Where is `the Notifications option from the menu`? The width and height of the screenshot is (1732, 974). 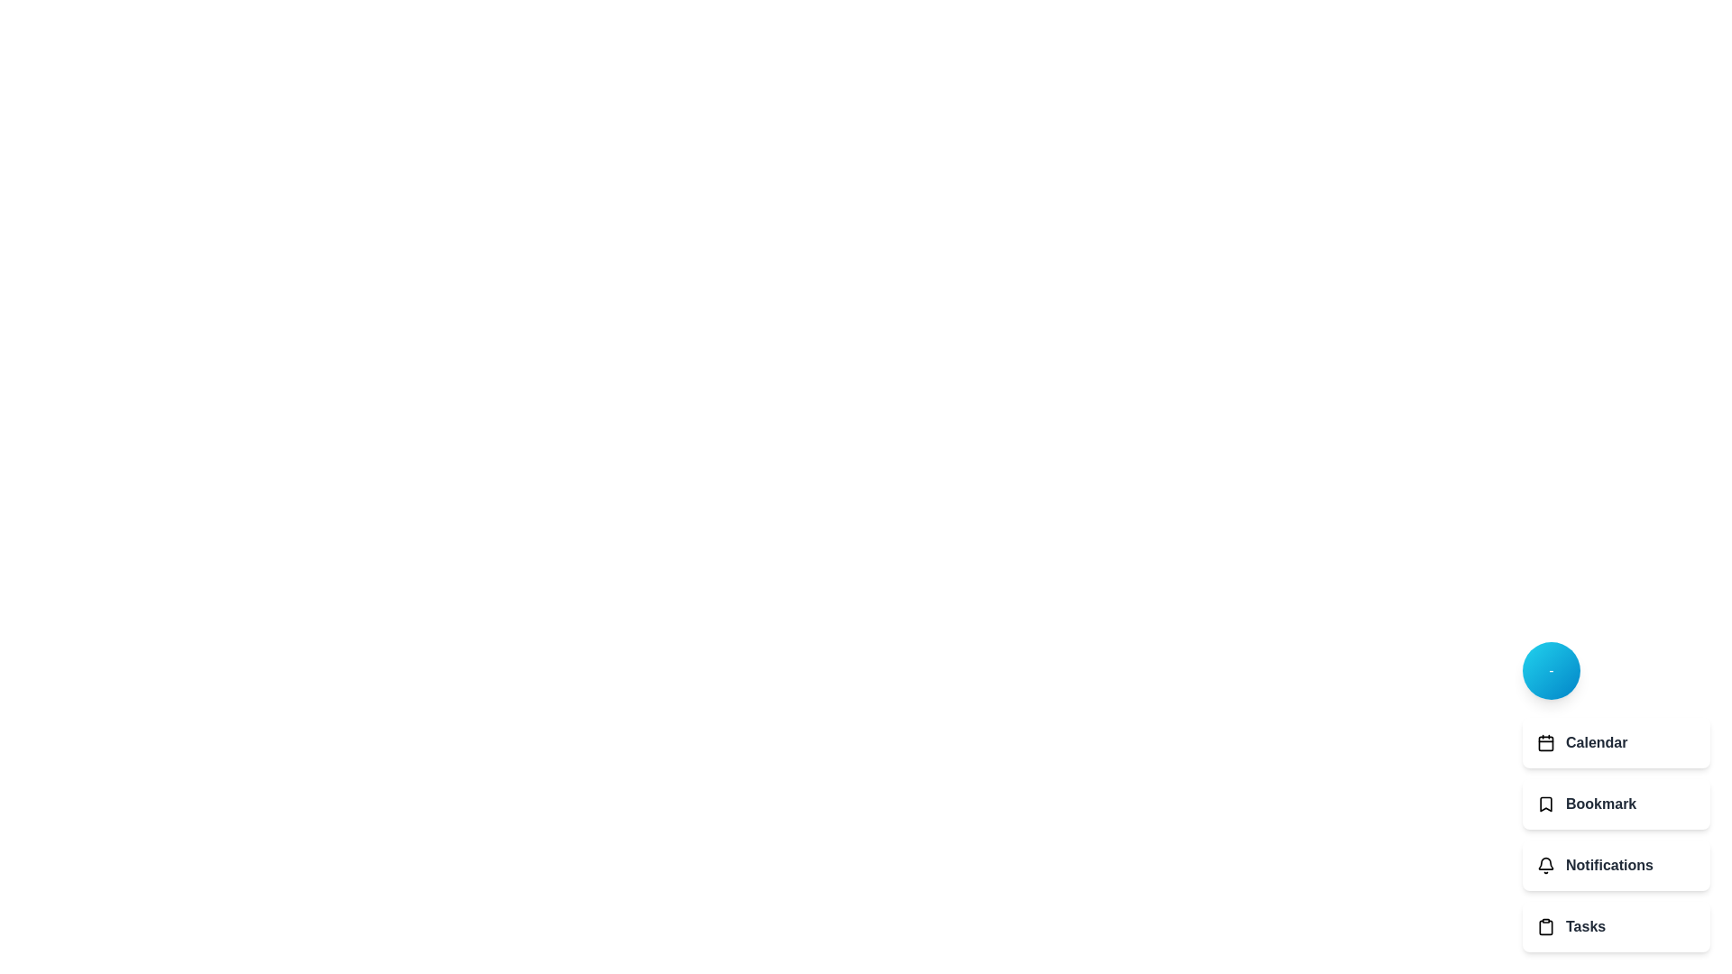 the Notifications option from the menu is located at coordinates (1616, 865).